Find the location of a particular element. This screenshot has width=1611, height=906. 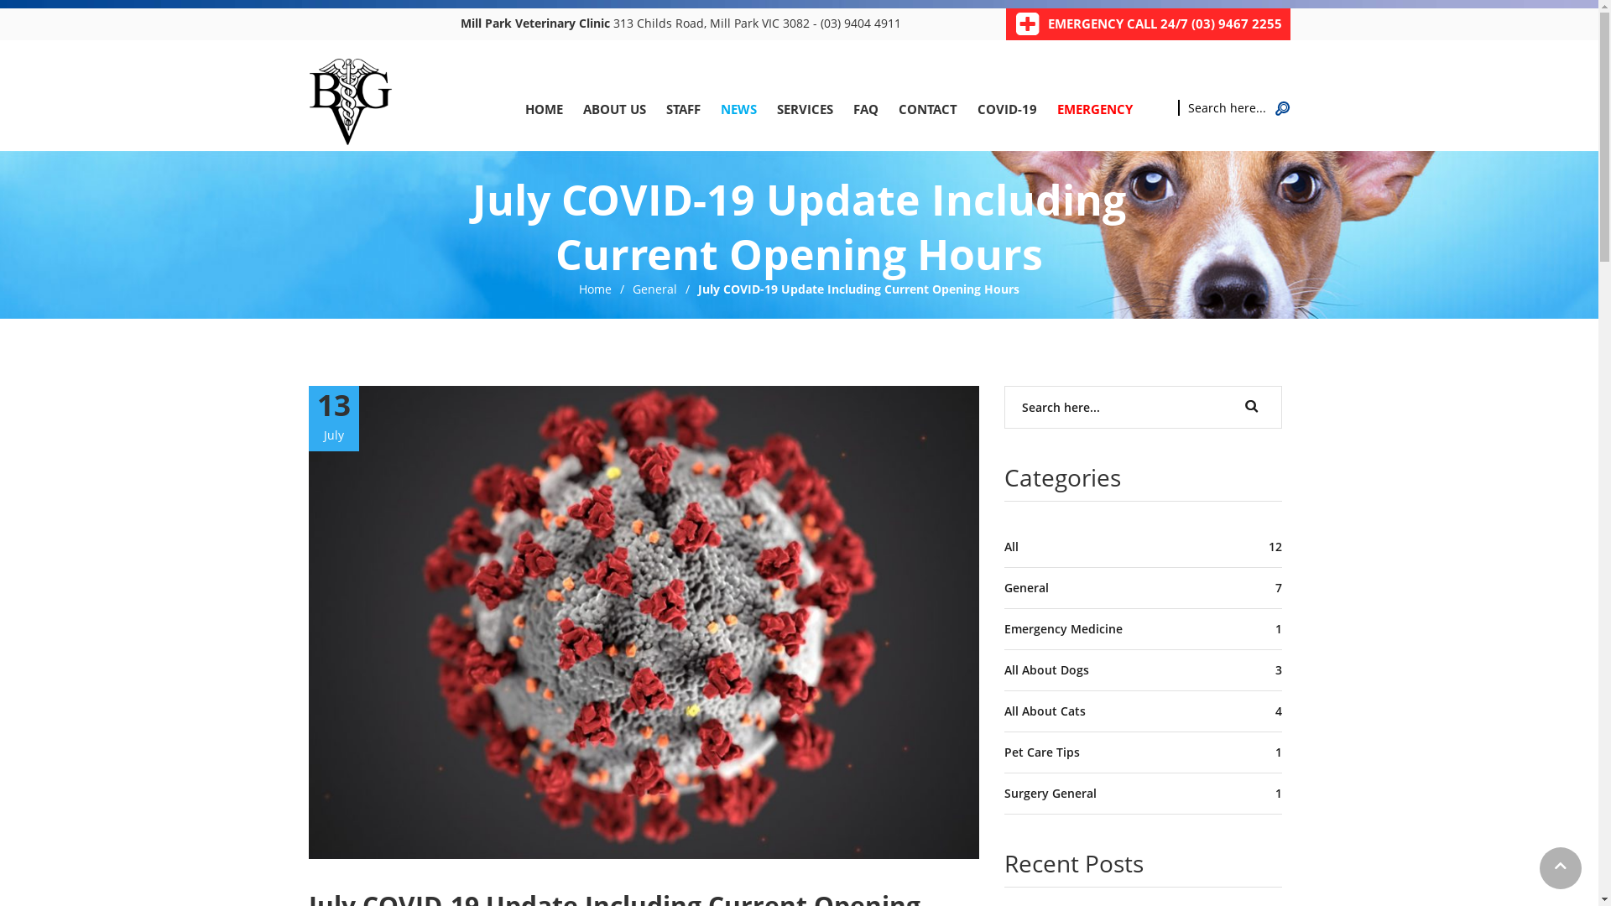

'Search' is located at coordinates (1252, 405).